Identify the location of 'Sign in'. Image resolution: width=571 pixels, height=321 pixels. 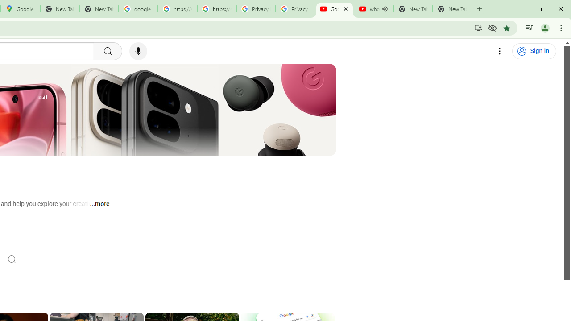
(534, 51).